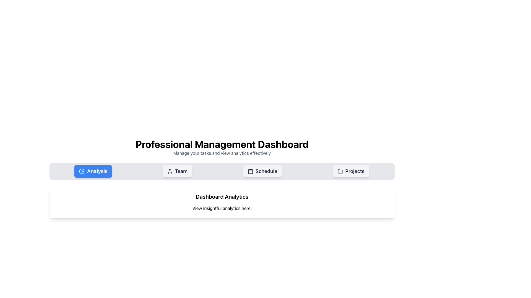 The height and width of the screenshot is (298, 531). Describe the element at coordinates (340, 171) in the screenshot. I see `the folder icon representing the 'Projects' button located to the left of the text 'Projects' in the top-right section of the navigation bar` at that location.